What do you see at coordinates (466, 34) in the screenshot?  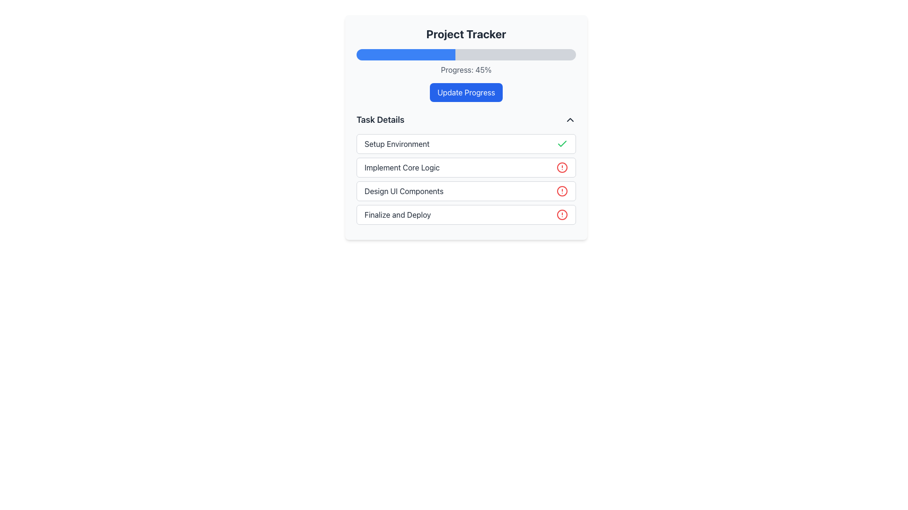 I see `title text displayed at the top-center of the UI module, which serves as the heading for the section` at bounding box center [466, 34].